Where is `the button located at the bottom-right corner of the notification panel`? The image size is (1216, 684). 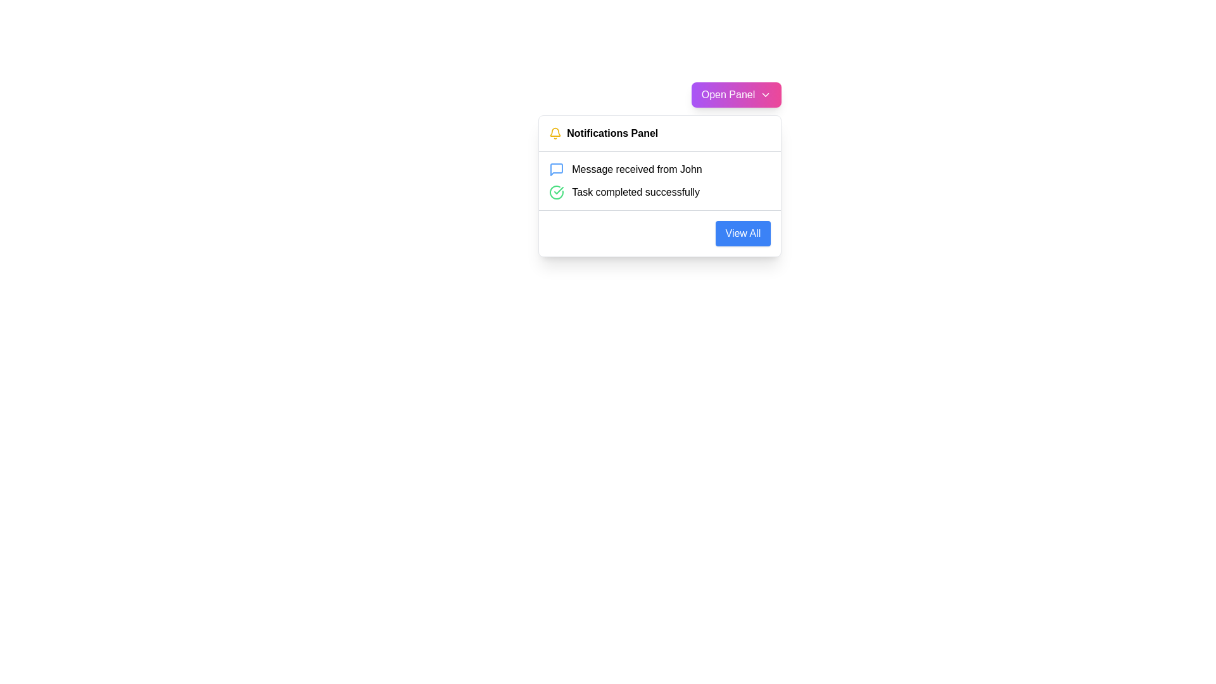 the button located at the bottom-right corner of the notification panel is located at coordinates (659, 233).